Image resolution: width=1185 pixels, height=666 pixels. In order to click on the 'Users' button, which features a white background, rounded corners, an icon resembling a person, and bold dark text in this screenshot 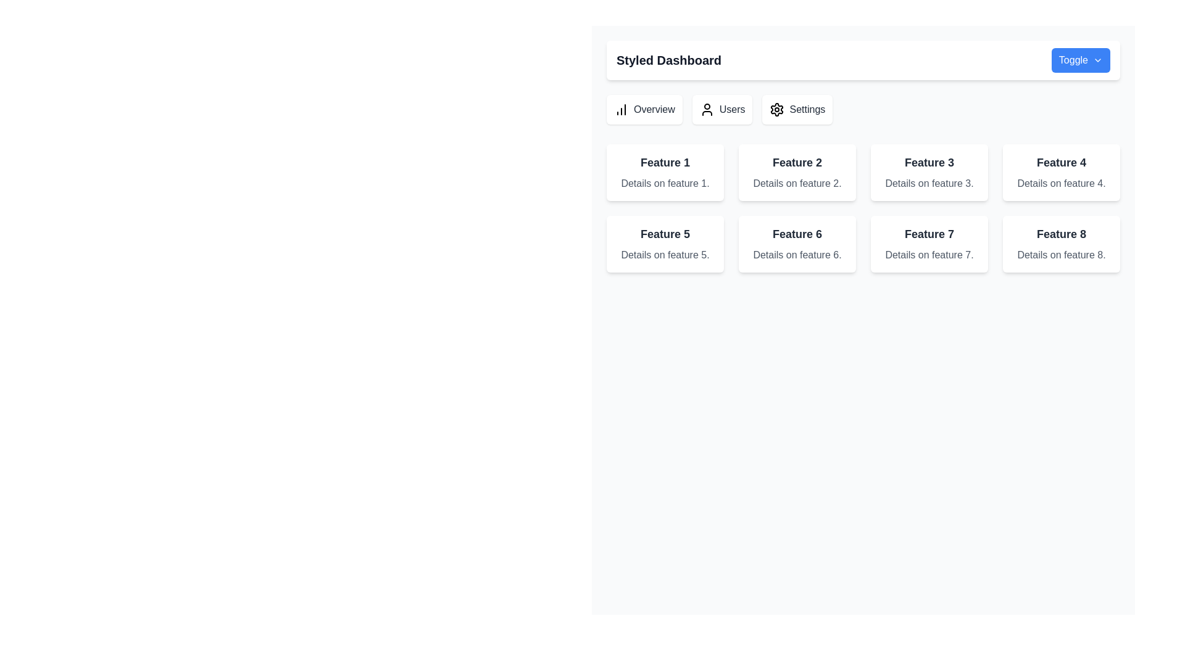, I will do `click(722, 109)`.